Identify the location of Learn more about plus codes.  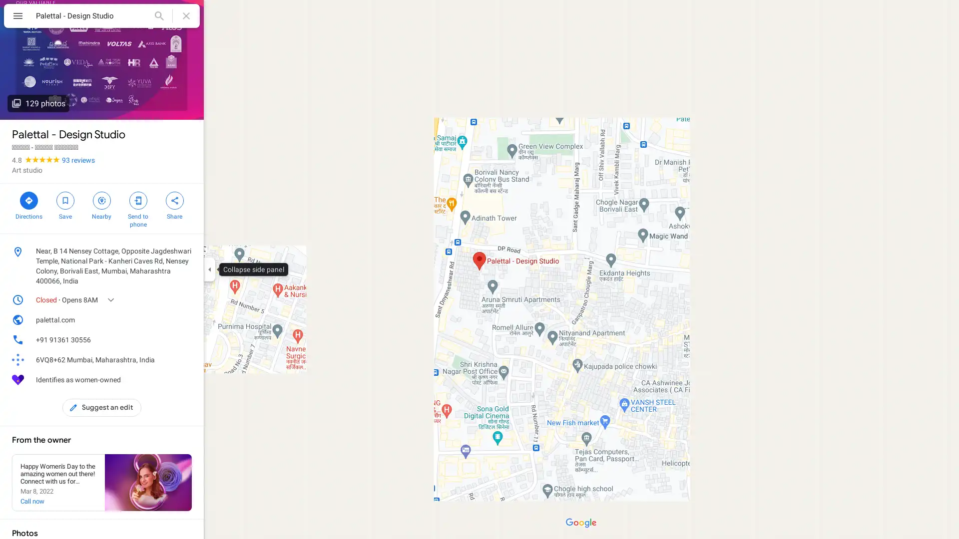
(187, 360).